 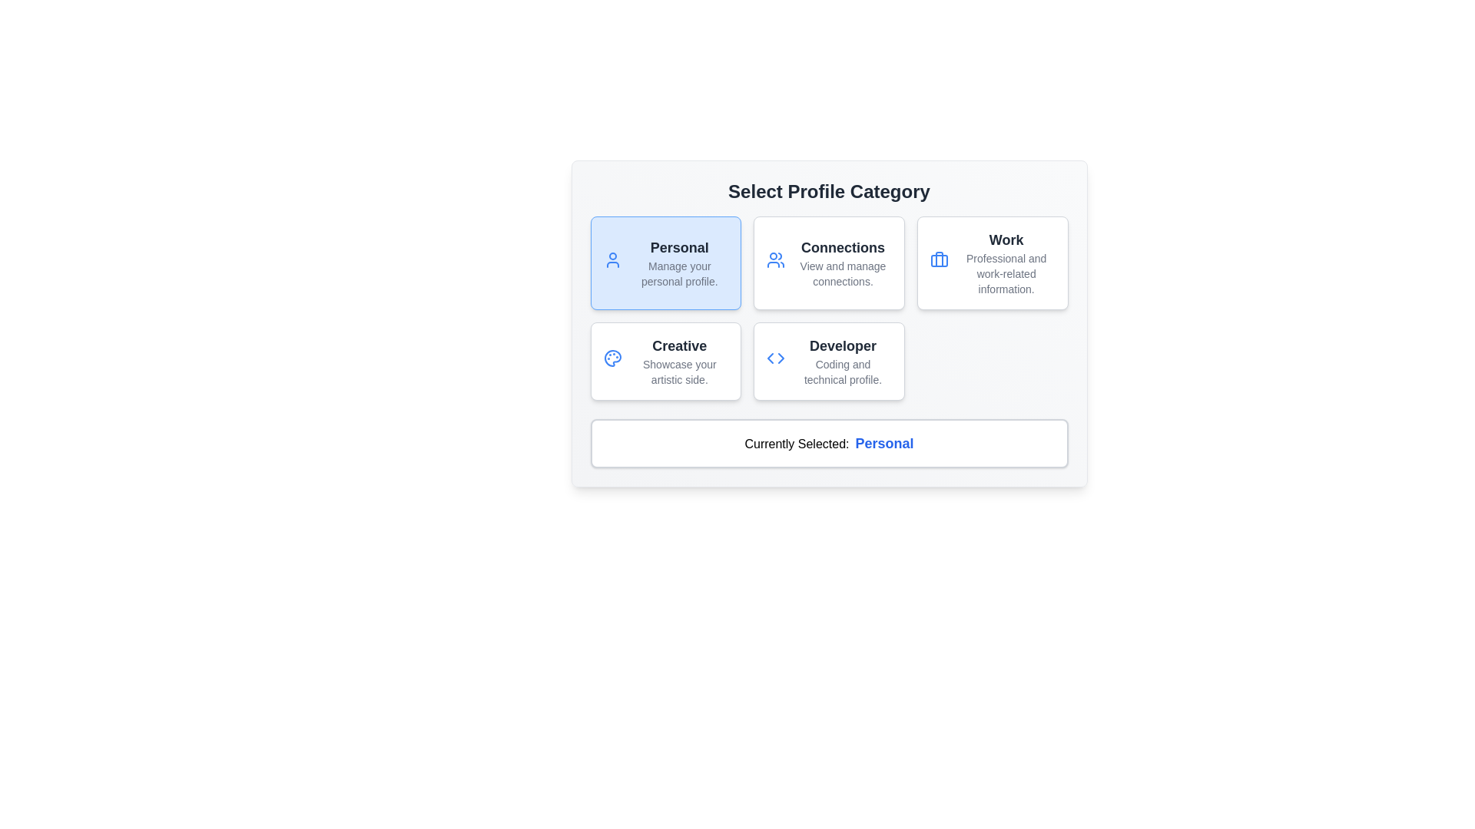 I want to click on the left-facing arrow vector graphic element within the 'Developer' card in the profile selection interface, so click(x=771, y=358).